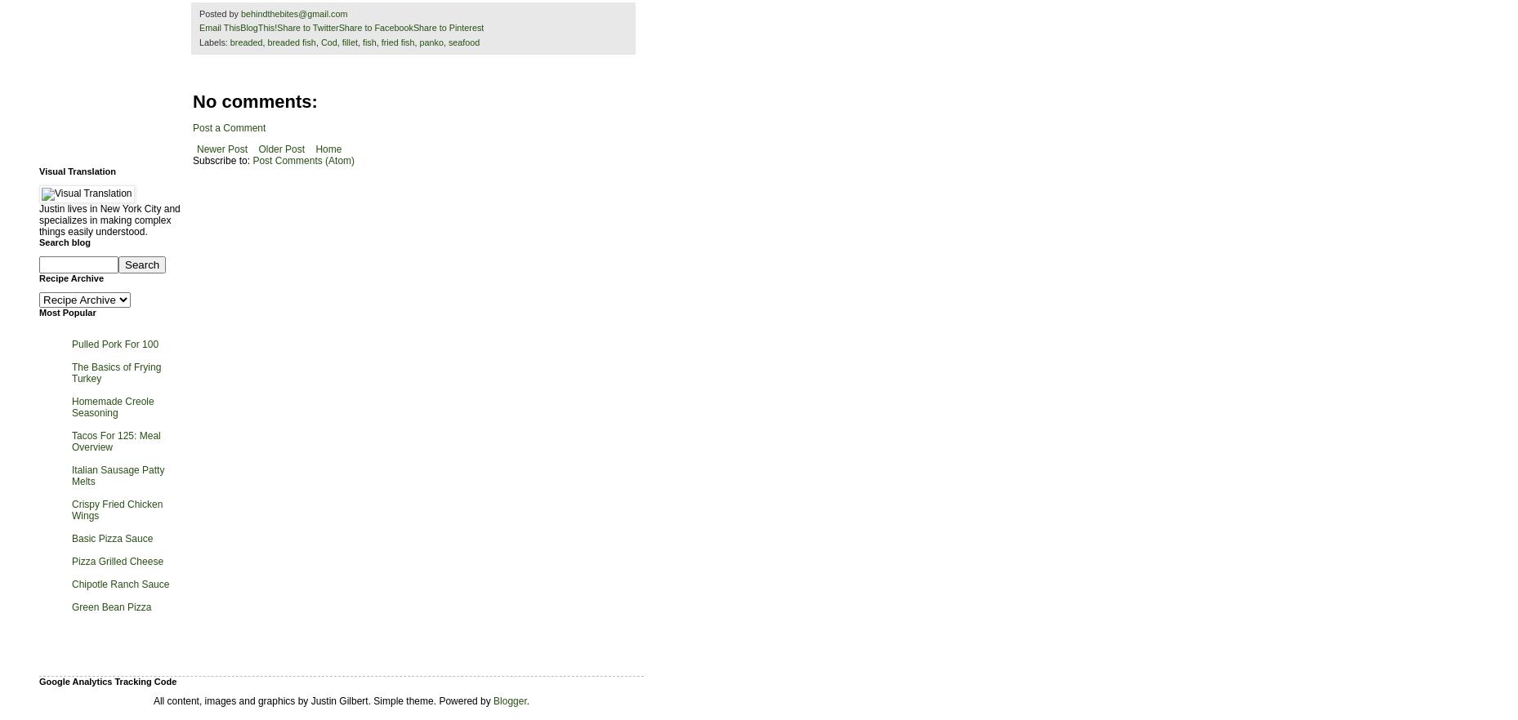  I want to click on 'Email This', so click(219, 26).